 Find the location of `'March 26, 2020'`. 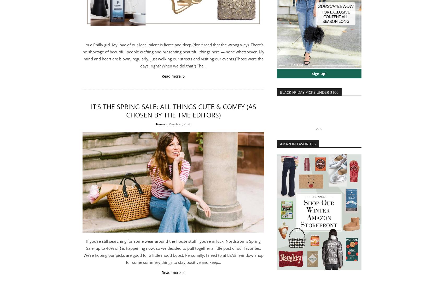

'March 26, 2020' is located at coordinates (179, 124).